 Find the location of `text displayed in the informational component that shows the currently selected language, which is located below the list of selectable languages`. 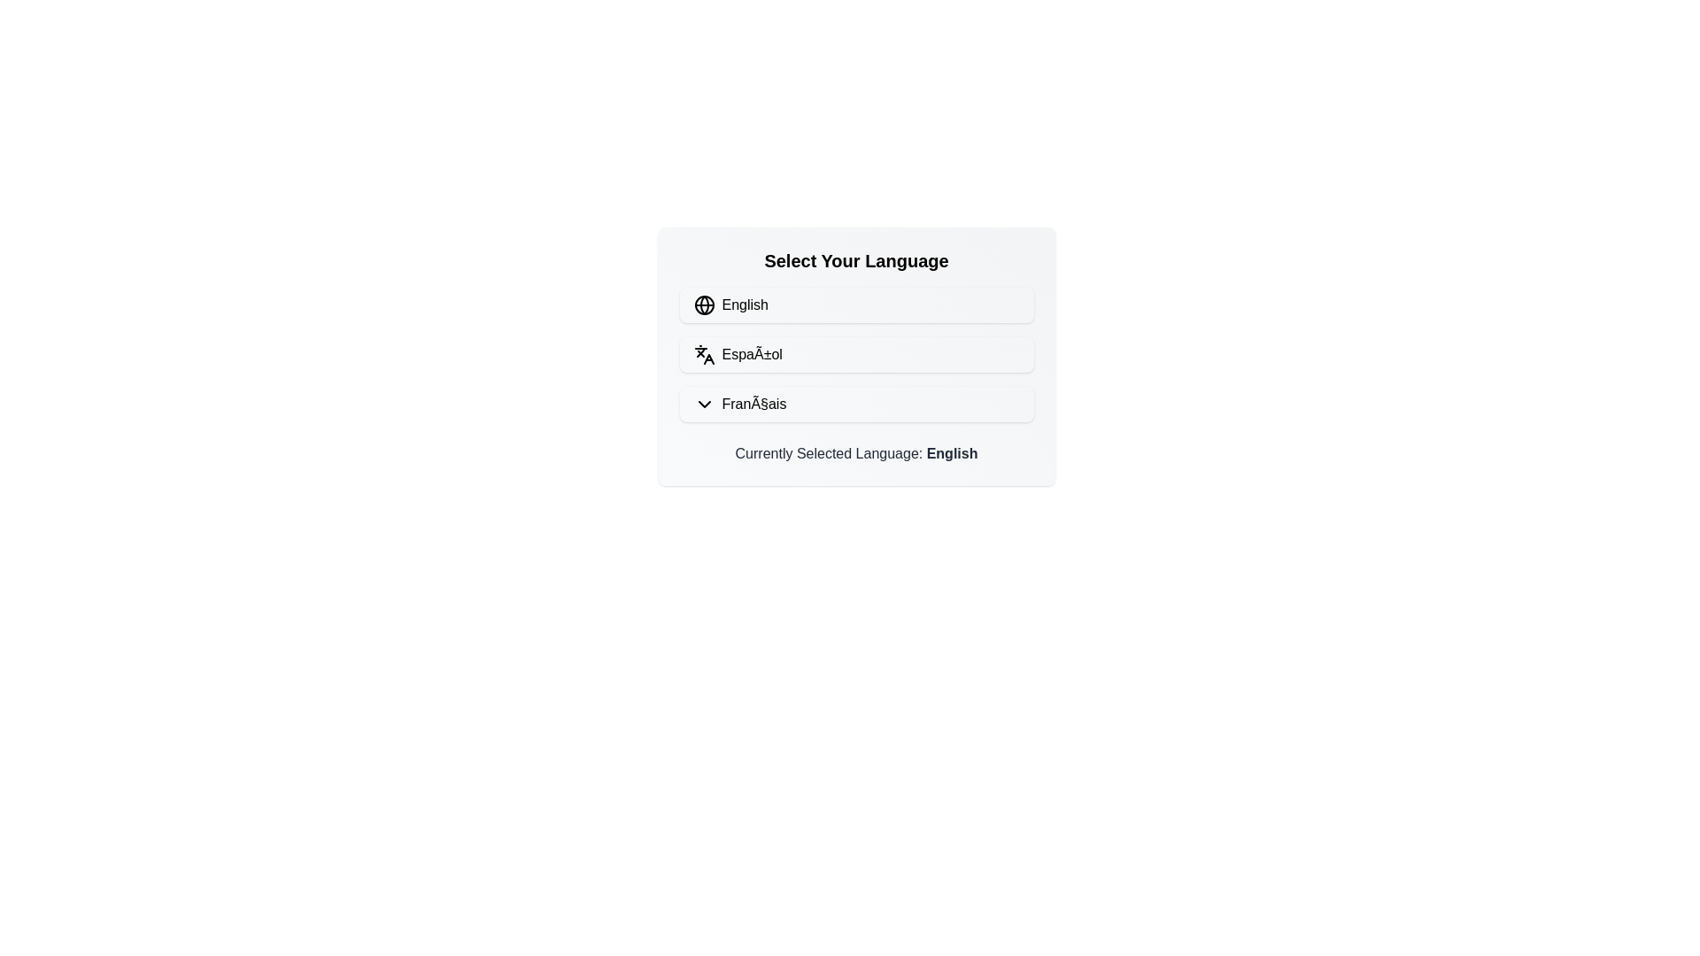

text displayed in the informational component that shows the currently selected language, which is located below the list of selectable languages is located at coordinates (856, 453).